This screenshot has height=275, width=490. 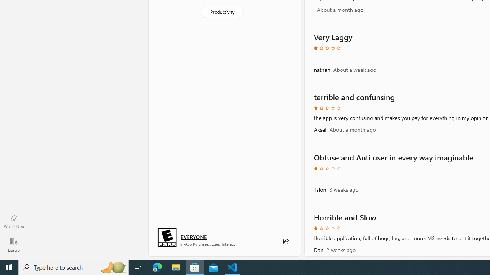 What do you see at coordinates (13, 221) in the screenshot?
I see `'What'` at bounding box center [13, 221].